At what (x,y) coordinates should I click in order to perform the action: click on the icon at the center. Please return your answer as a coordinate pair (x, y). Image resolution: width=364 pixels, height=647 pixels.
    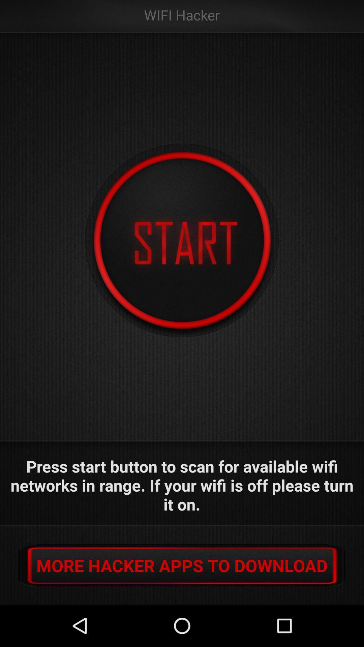
    Looking at the image, I should click on (182, 241).